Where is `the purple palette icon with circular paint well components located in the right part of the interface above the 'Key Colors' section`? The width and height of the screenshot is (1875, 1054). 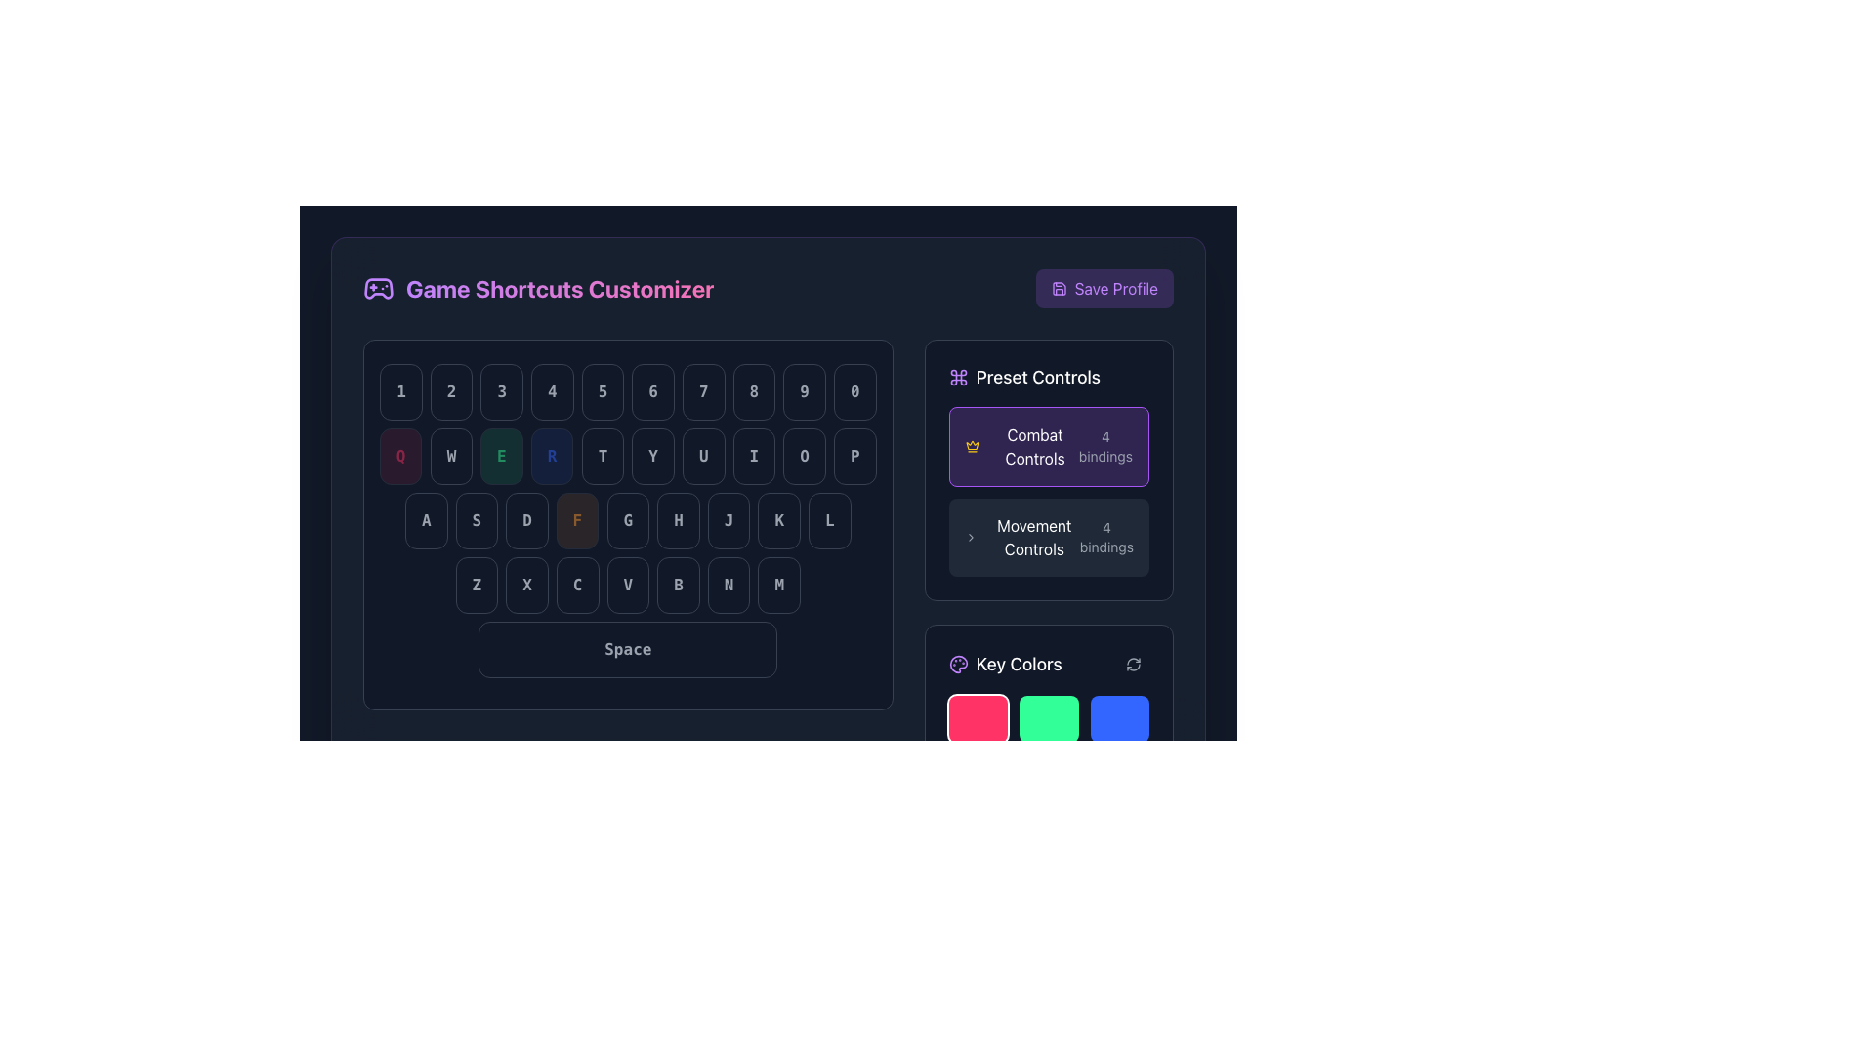
the purple palette icon with circular paint well components located in the right part of the interface above the 'Key Colors' section is located at coordinates (958, 664).